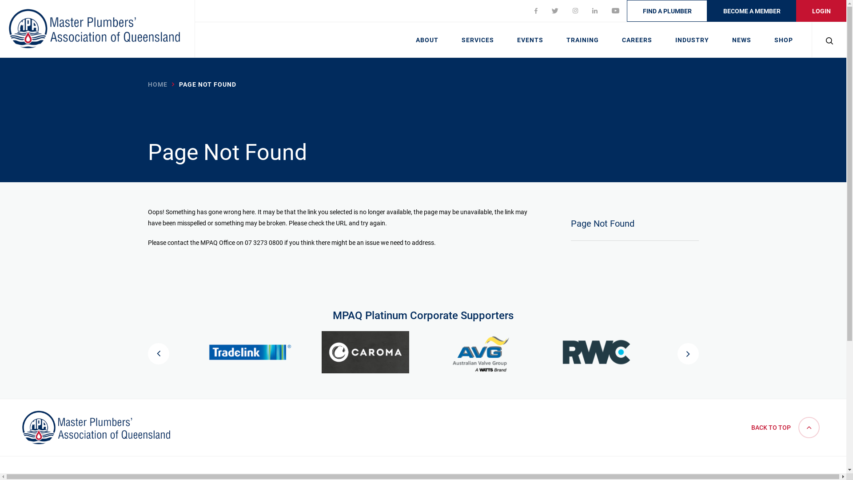 This screenshot has height=480, width=853. What do you see at coordinates (427, 39) in the screenshot?
I see `'ABOUT'` at bounding box center [427, 39].